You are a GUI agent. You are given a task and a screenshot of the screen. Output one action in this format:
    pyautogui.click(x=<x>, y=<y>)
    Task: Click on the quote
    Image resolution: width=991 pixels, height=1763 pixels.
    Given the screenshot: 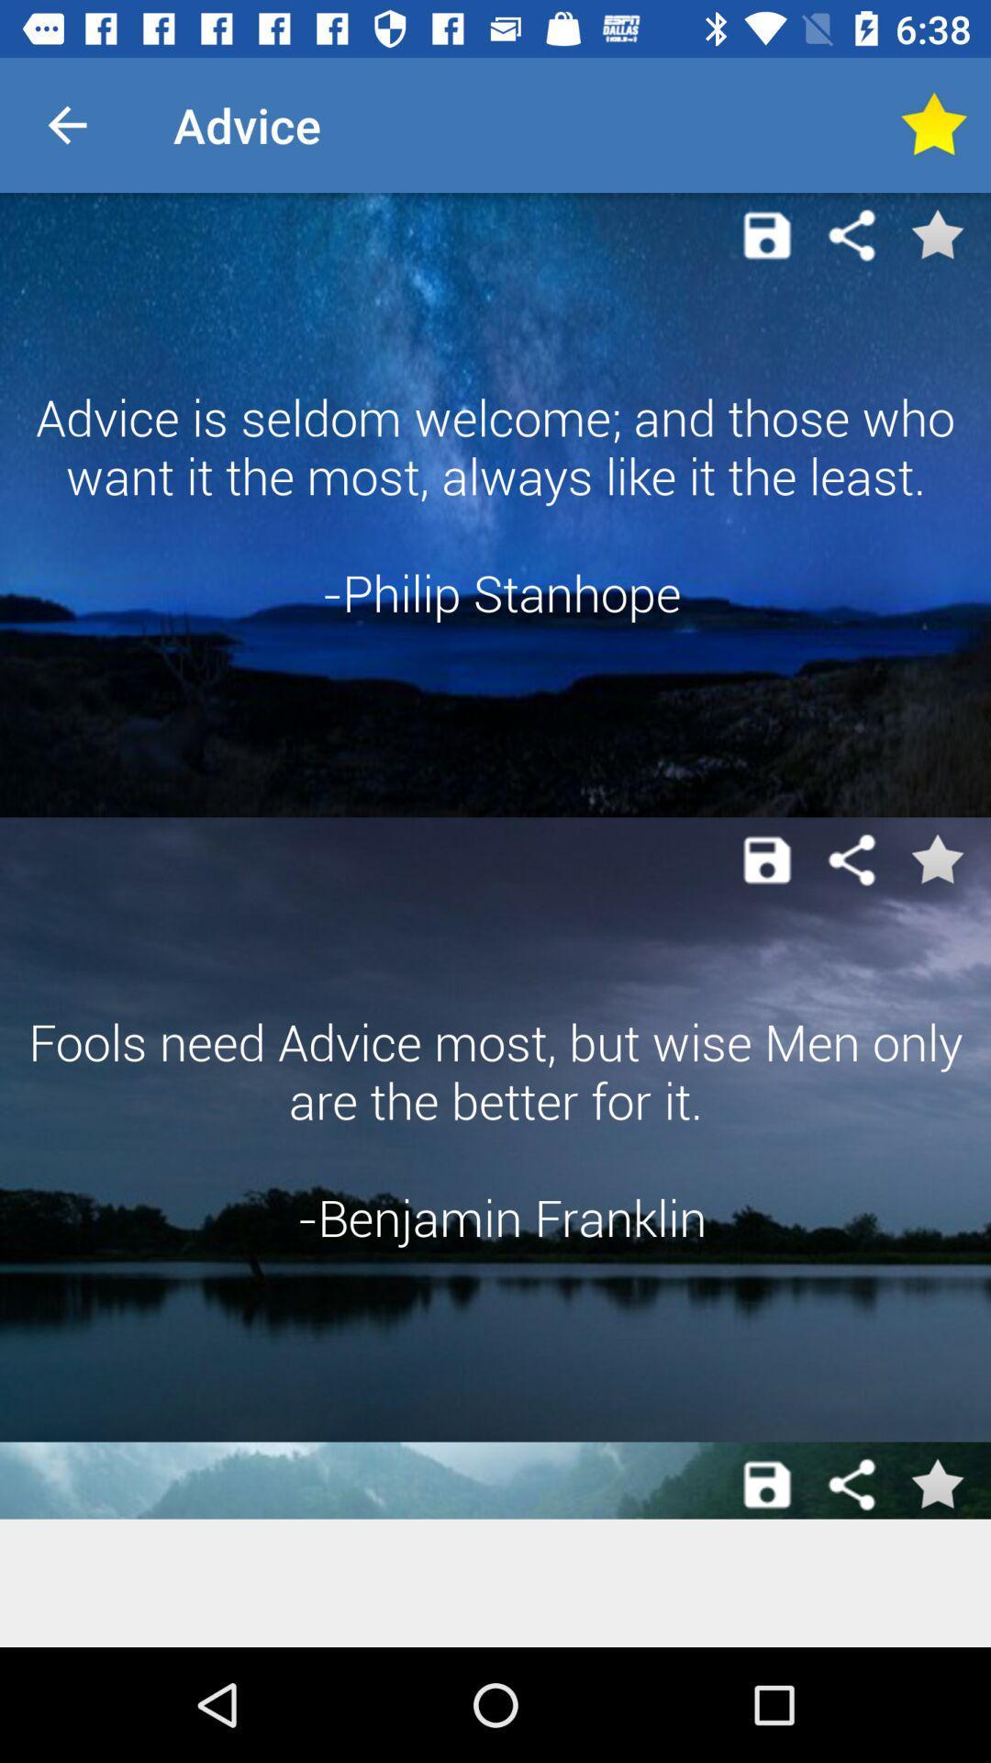 What is the action you would take?
    pyautogui.click(x=767, y=859)
    